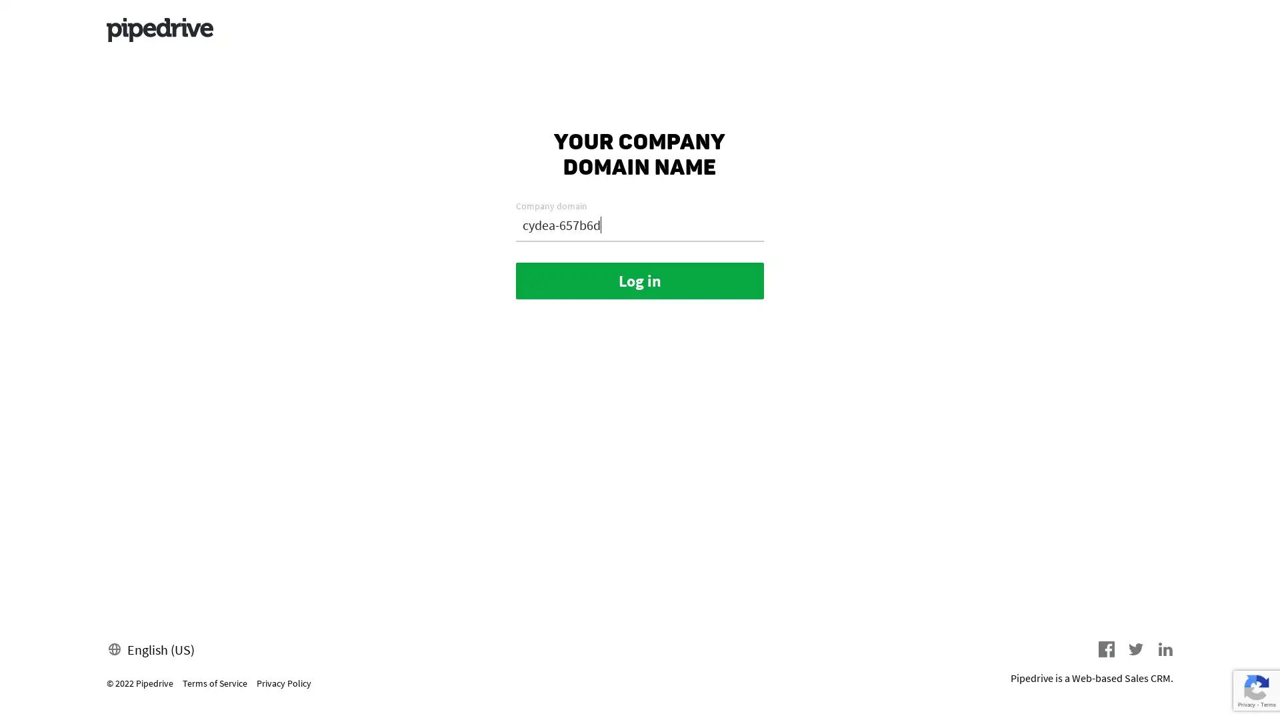 This screenshot has height=720, width=1280. Describe the element at coordinates (150, 649) in the screenshot. I see `English (US)` at that location.